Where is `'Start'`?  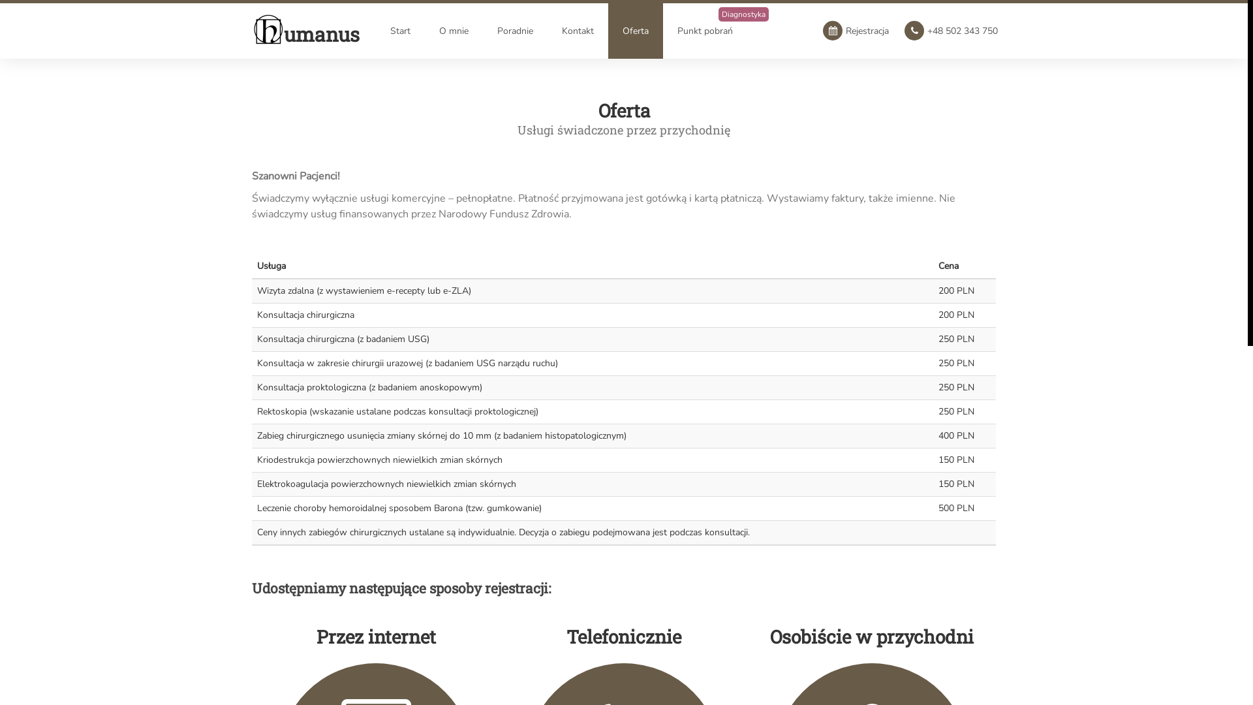
'Start' is located at coordinates (399, 30).